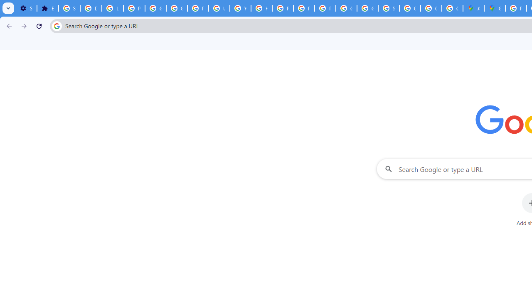 This screenshot has width=532, height=299. What do you see at coordinates (240, 8) in the screenshot?
I see `'YouTube'` at bounding box center [240, 8].